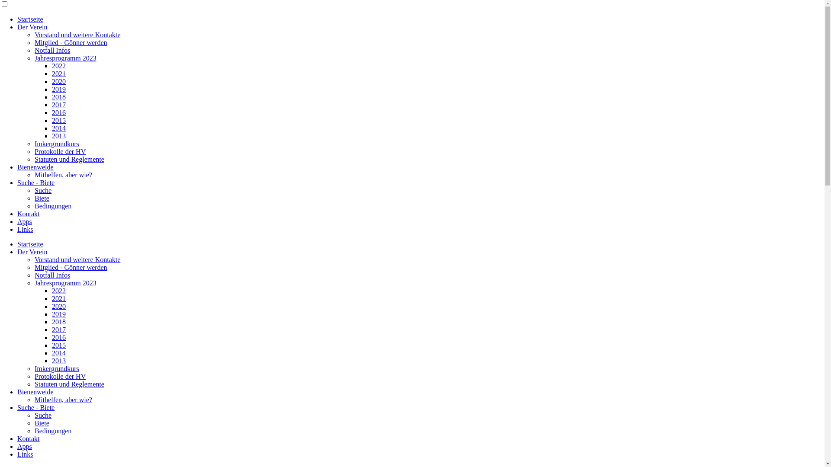 This screenshot has width=831, height=467. I want to click on 'Bedingungen', so click(52, 431).